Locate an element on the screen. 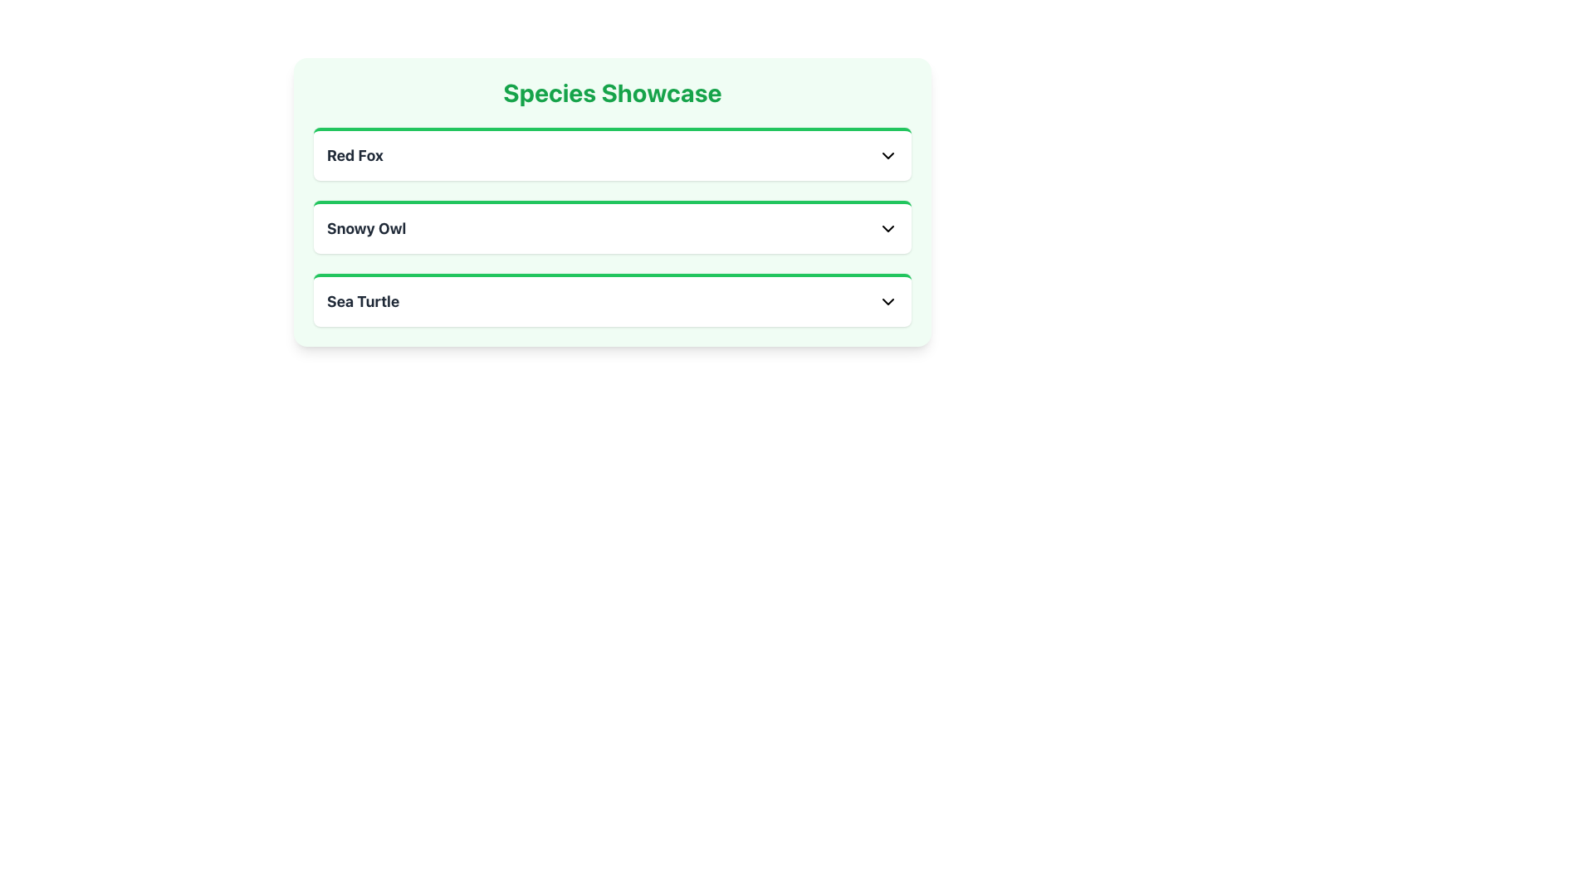 Image resolution: width=1594 pixels, height=896 pixels. the Chevron Down icon located at the far right end of the row containing the 'Sea Turtle' label is located at coordinates (887, 301).